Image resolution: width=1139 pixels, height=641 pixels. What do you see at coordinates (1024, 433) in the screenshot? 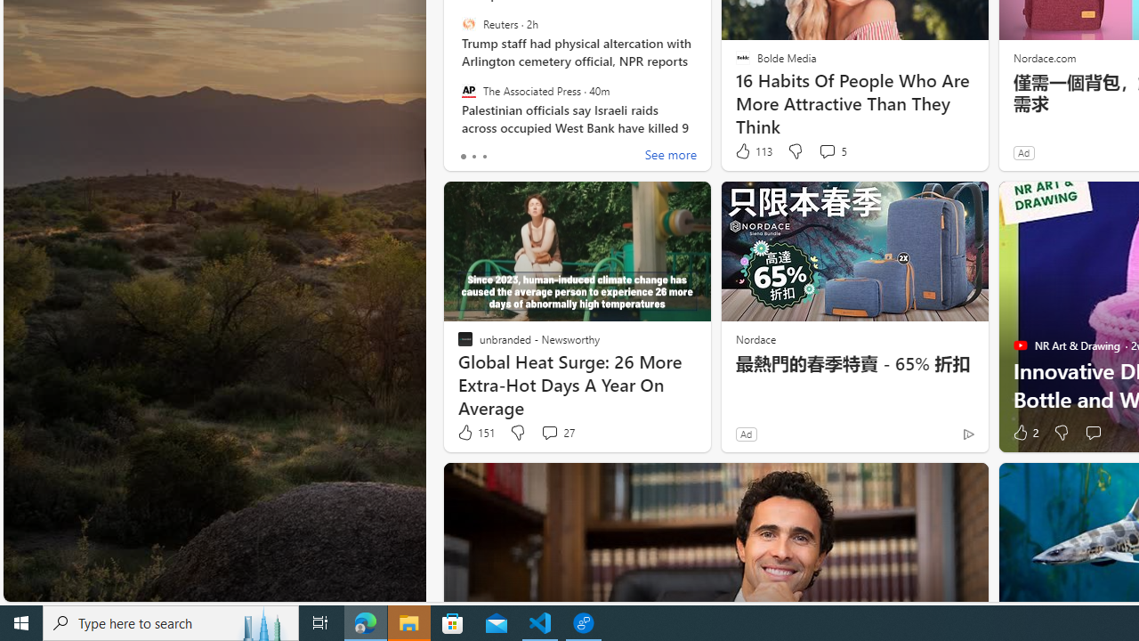
I see `'2 Like'` at bounding box center [1024, 433].